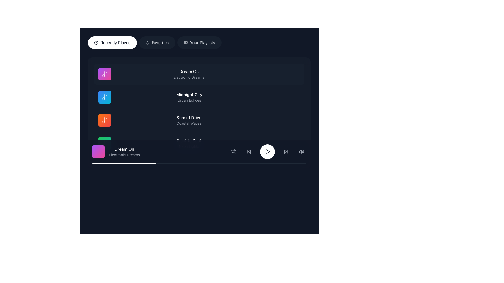 Image resolution: width=504 pixels, height=283 pixels. What do you see at coordinates (237, 163) in the screenshot?
I see `progress` at bounding box center [237, 163].